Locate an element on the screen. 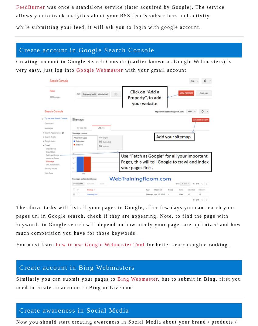 This screenshot has height=326, width=258. 'The above tasks will list all your pages in Google, after few days you can search your pages url in Google search, check if they are appearing, Note, to find the page with keywords in Google search will depend on how nicely your pages are optimized and how much competition you have for those keywords.' is located at coordinates (128, 220).